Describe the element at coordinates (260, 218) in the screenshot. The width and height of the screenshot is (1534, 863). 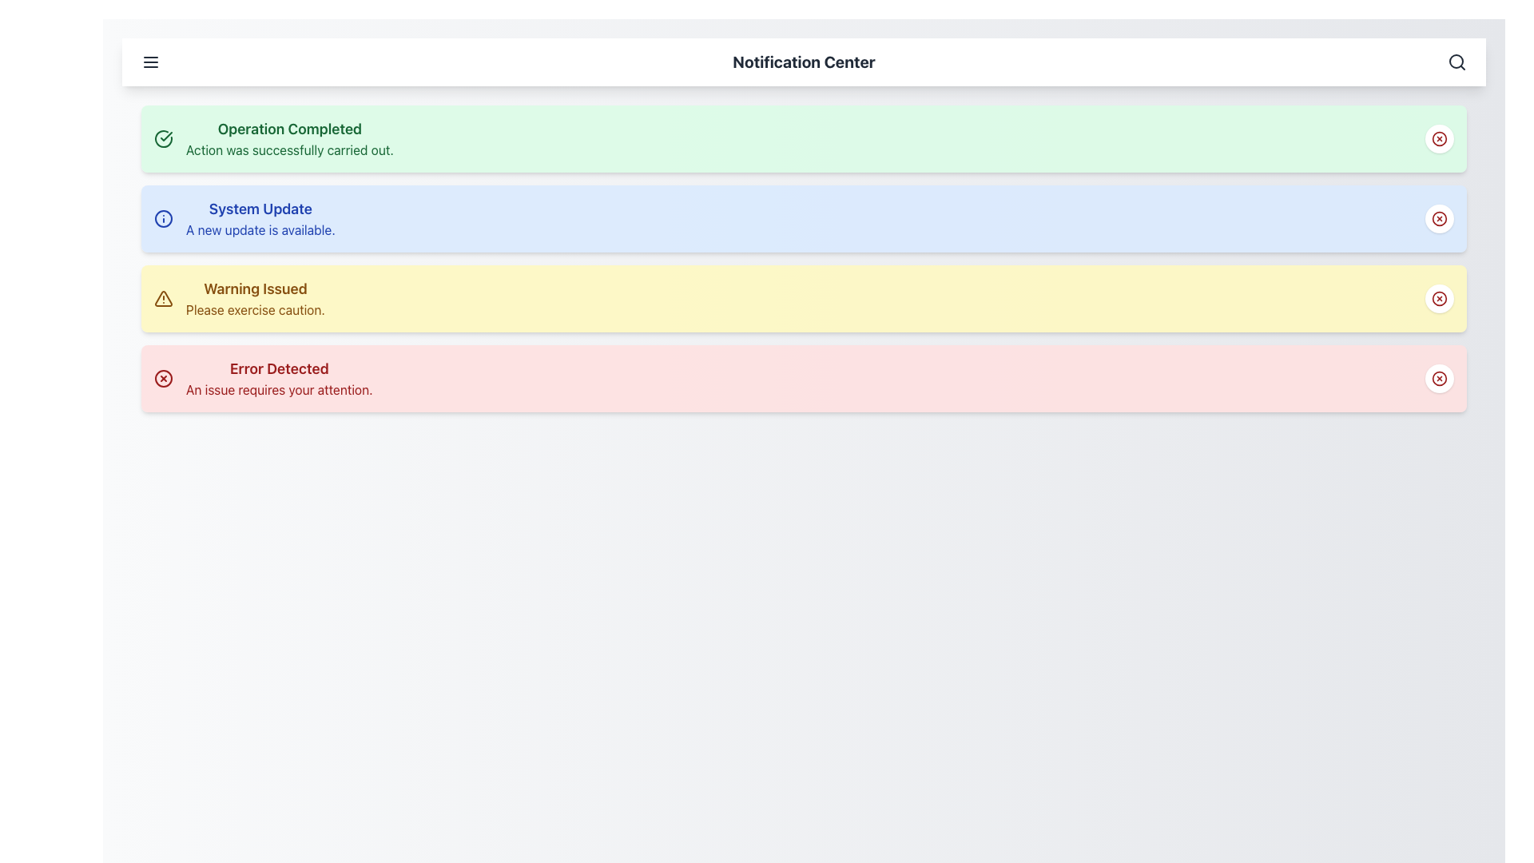
I see `text content of the Text Display that shows 'System Update' and 'A new update is available.'` at that location.